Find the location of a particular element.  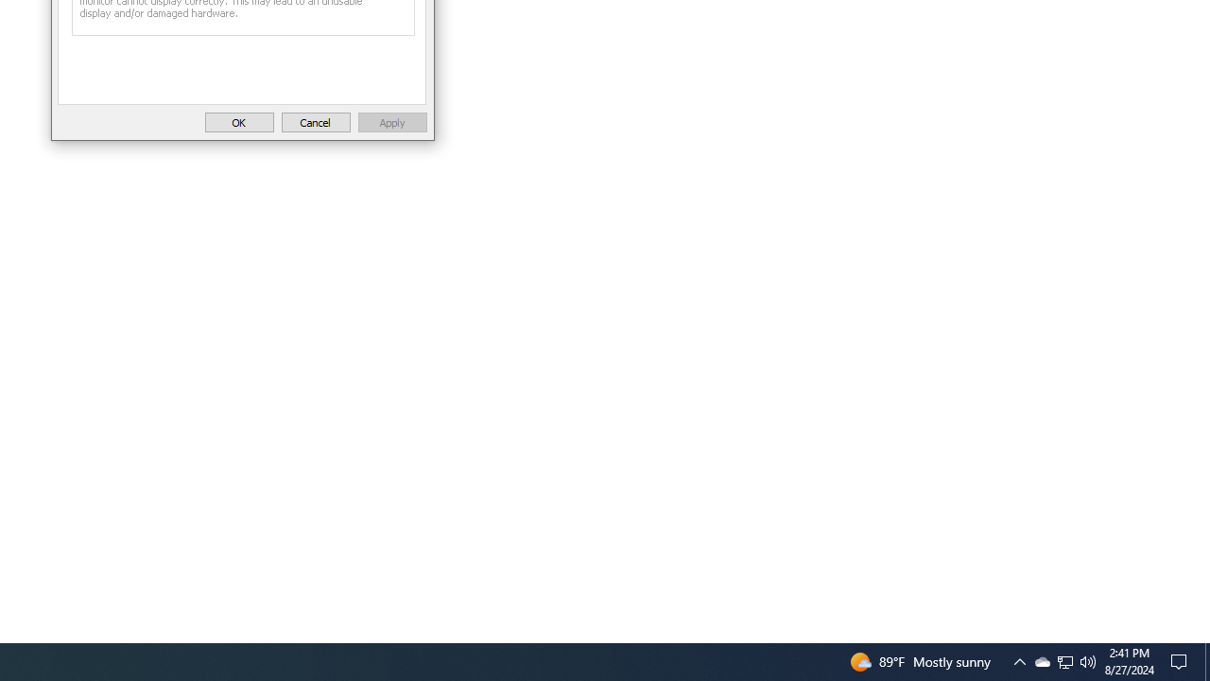

'User Promoted Notification Area' is located at coordinates (1065, 660).